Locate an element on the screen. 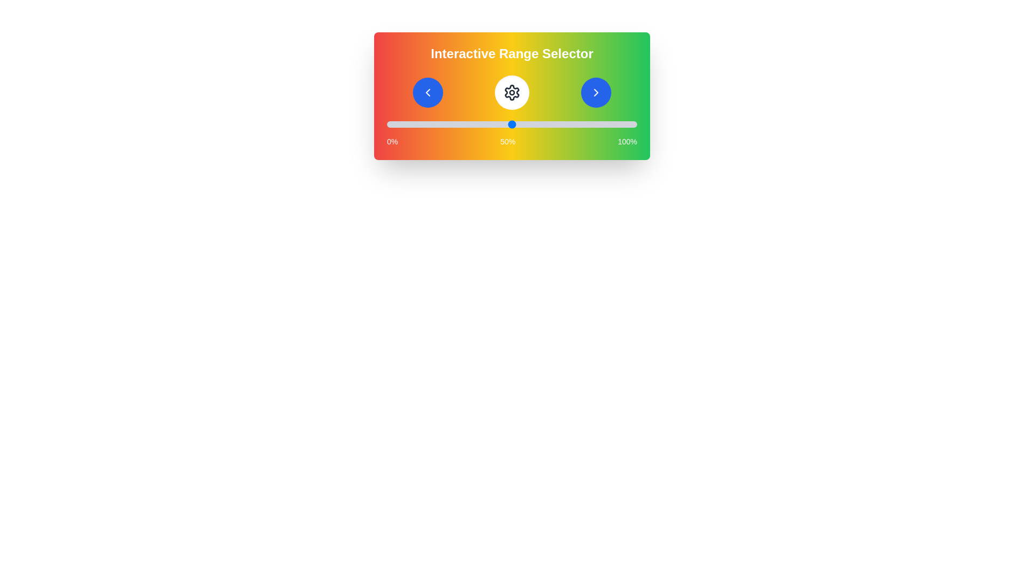  the slider to set the value to 19 is located at coordinates (434, 124).